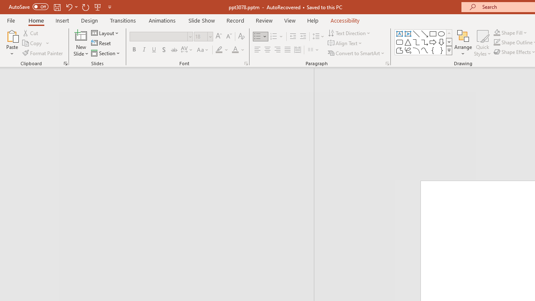  What do you see at coordinates (106, 53) in the screenshot?
I see `'Section'` at bounding box center [106, 53].